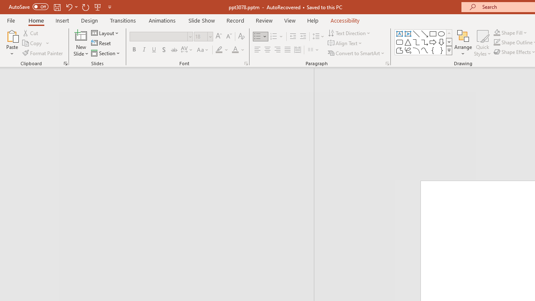  What do you see at coordinates (106, 53) in the screenshot?
I see `'Section'` at bounding box center [106, 53].